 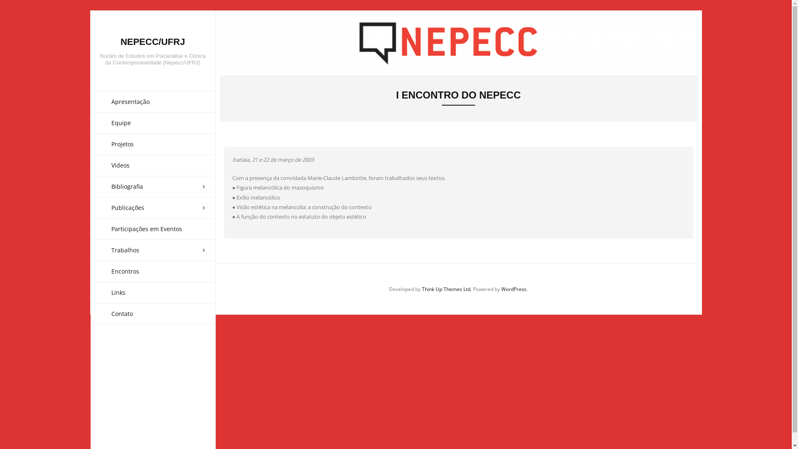 I want to click on 'Encontros', so click(x=153, y=271).